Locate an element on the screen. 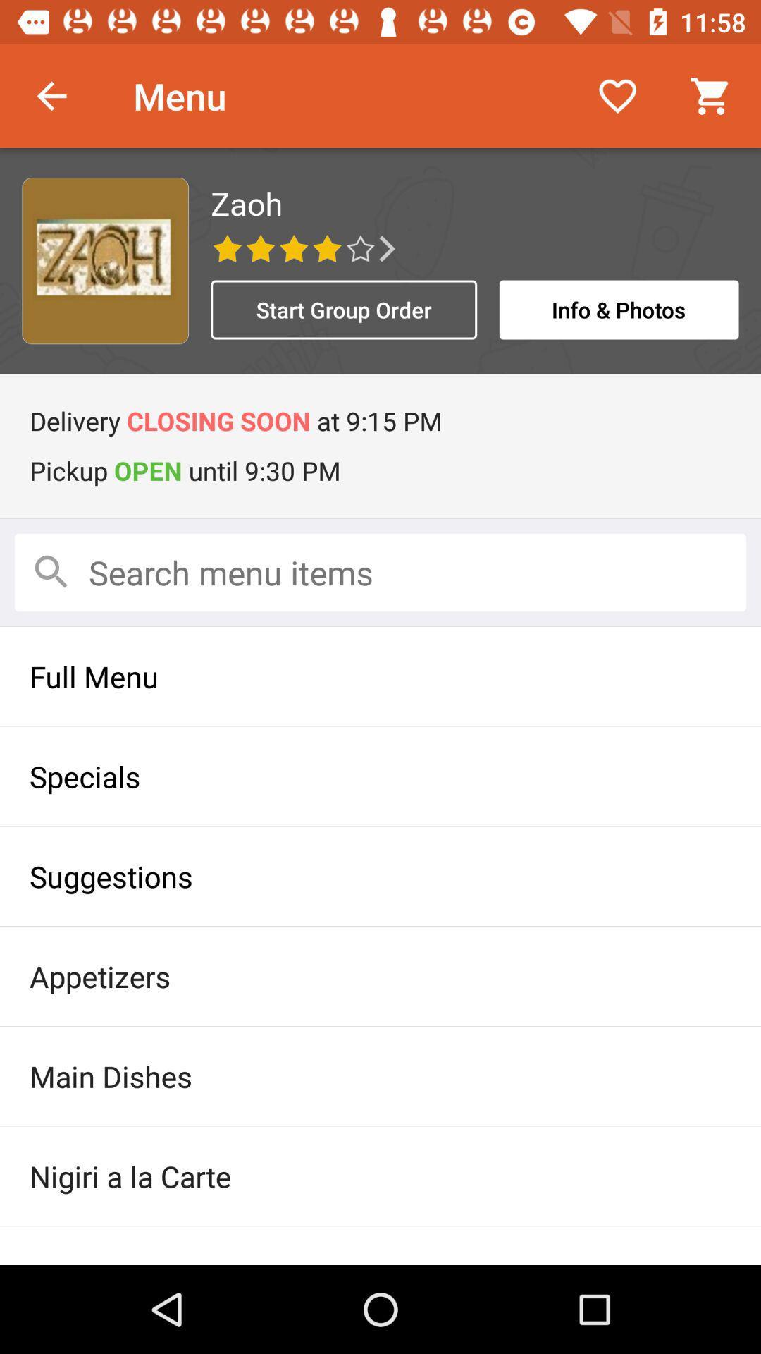 Image resolution: width=761 pixels, height=1354 pixels. the appetizers icon is located at coordinates (380, 975).